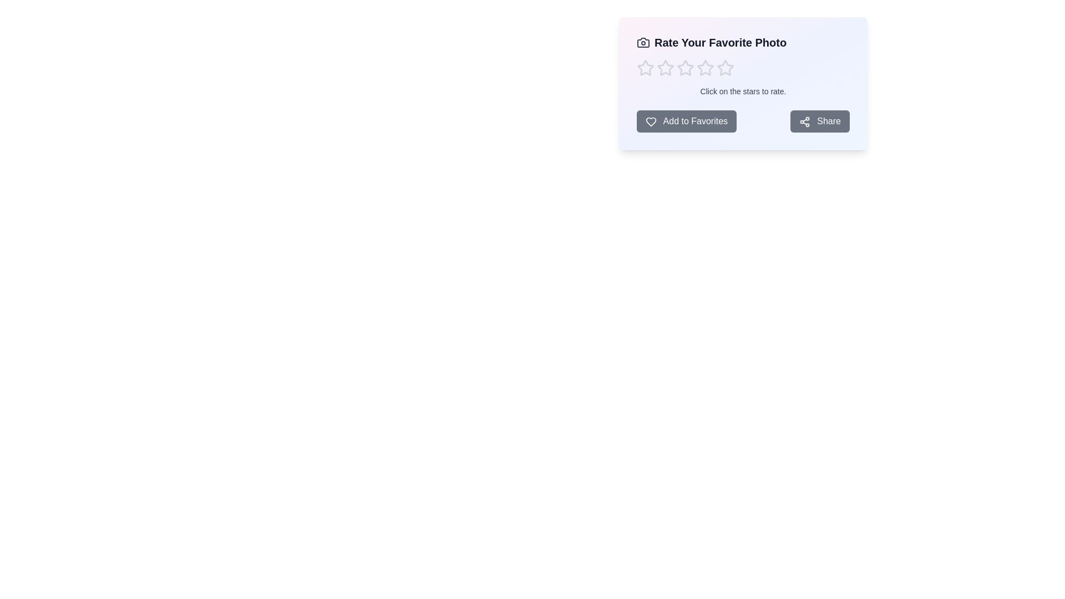 The height and width of the screenshot is (599, 1065). I want to click on the second star, so click(685, 68).